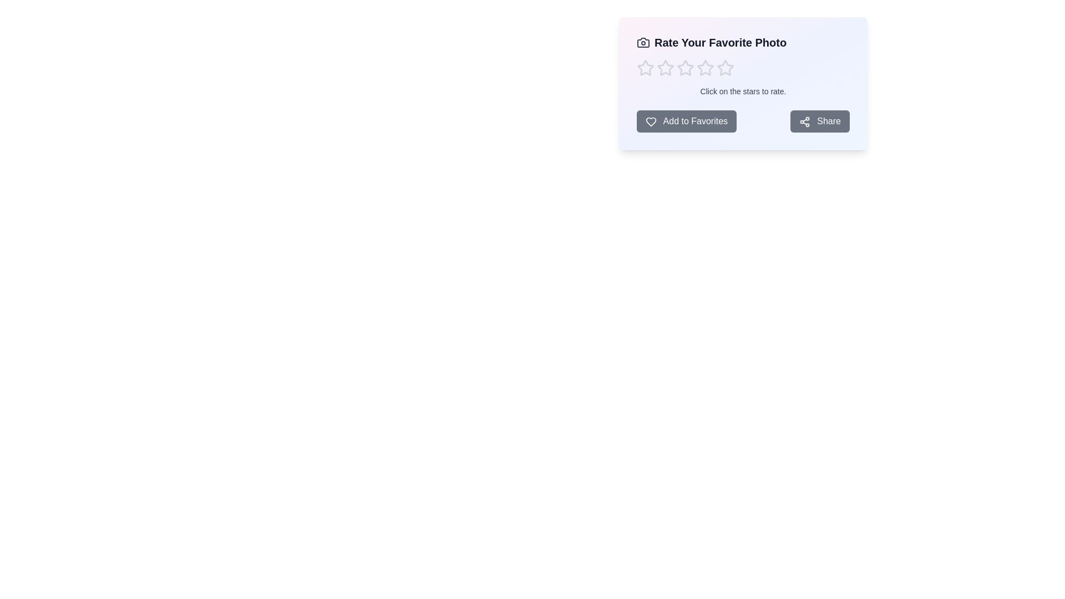 The height and width of the screenshot is (599, 1065). I want to click on the second star, so click(685, 68).